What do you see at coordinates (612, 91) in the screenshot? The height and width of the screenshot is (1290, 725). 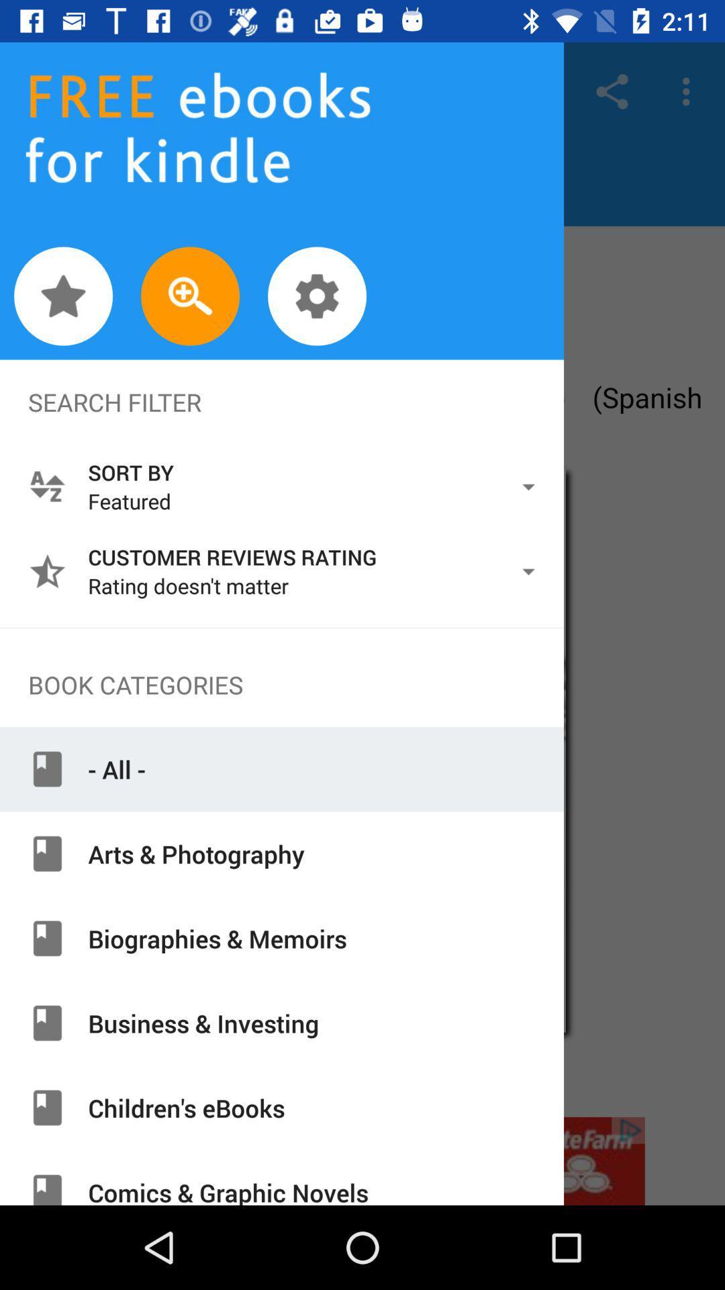 I see `the share icon` at bounding box center [612, 91].